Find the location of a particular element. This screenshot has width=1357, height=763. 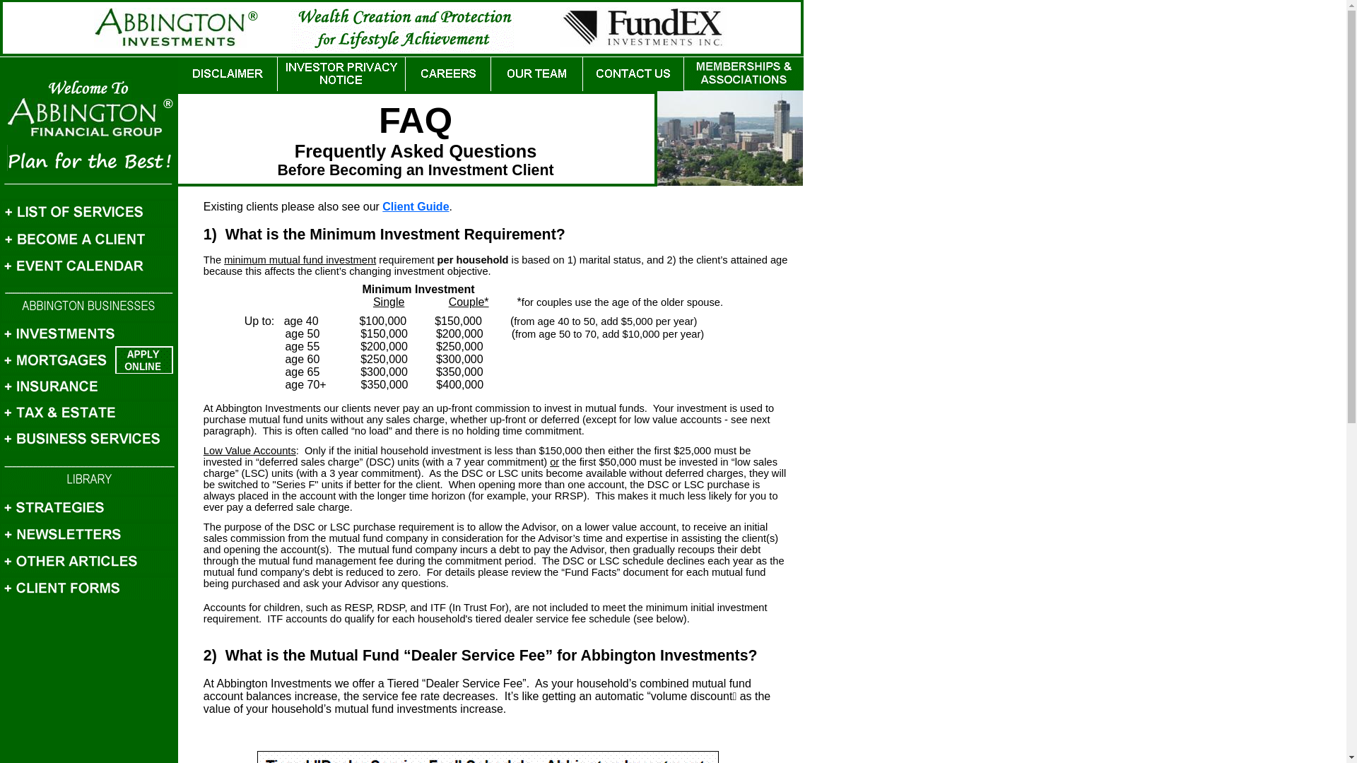

'Client Guide' is located at coordinates (415, 206).